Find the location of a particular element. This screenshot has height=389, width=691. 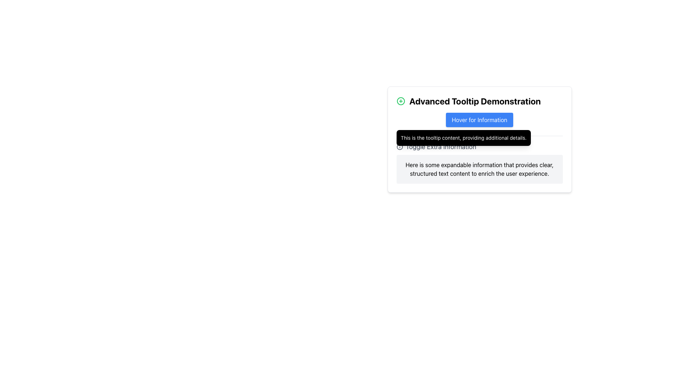

the Icon Button with a plus sign icon, located to the left of the title text 'Advanced Tooltip Demonstration', to prepare for keyboard interaction is located at coordinates (400, 101).